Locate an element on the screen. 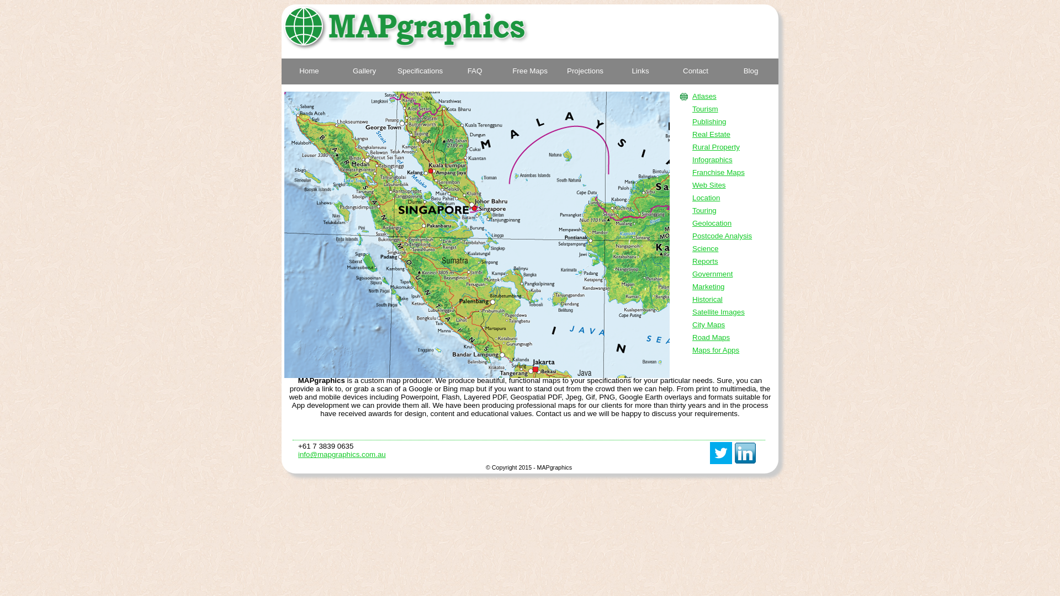  'Infographics' is located at coordinates (712, 159).